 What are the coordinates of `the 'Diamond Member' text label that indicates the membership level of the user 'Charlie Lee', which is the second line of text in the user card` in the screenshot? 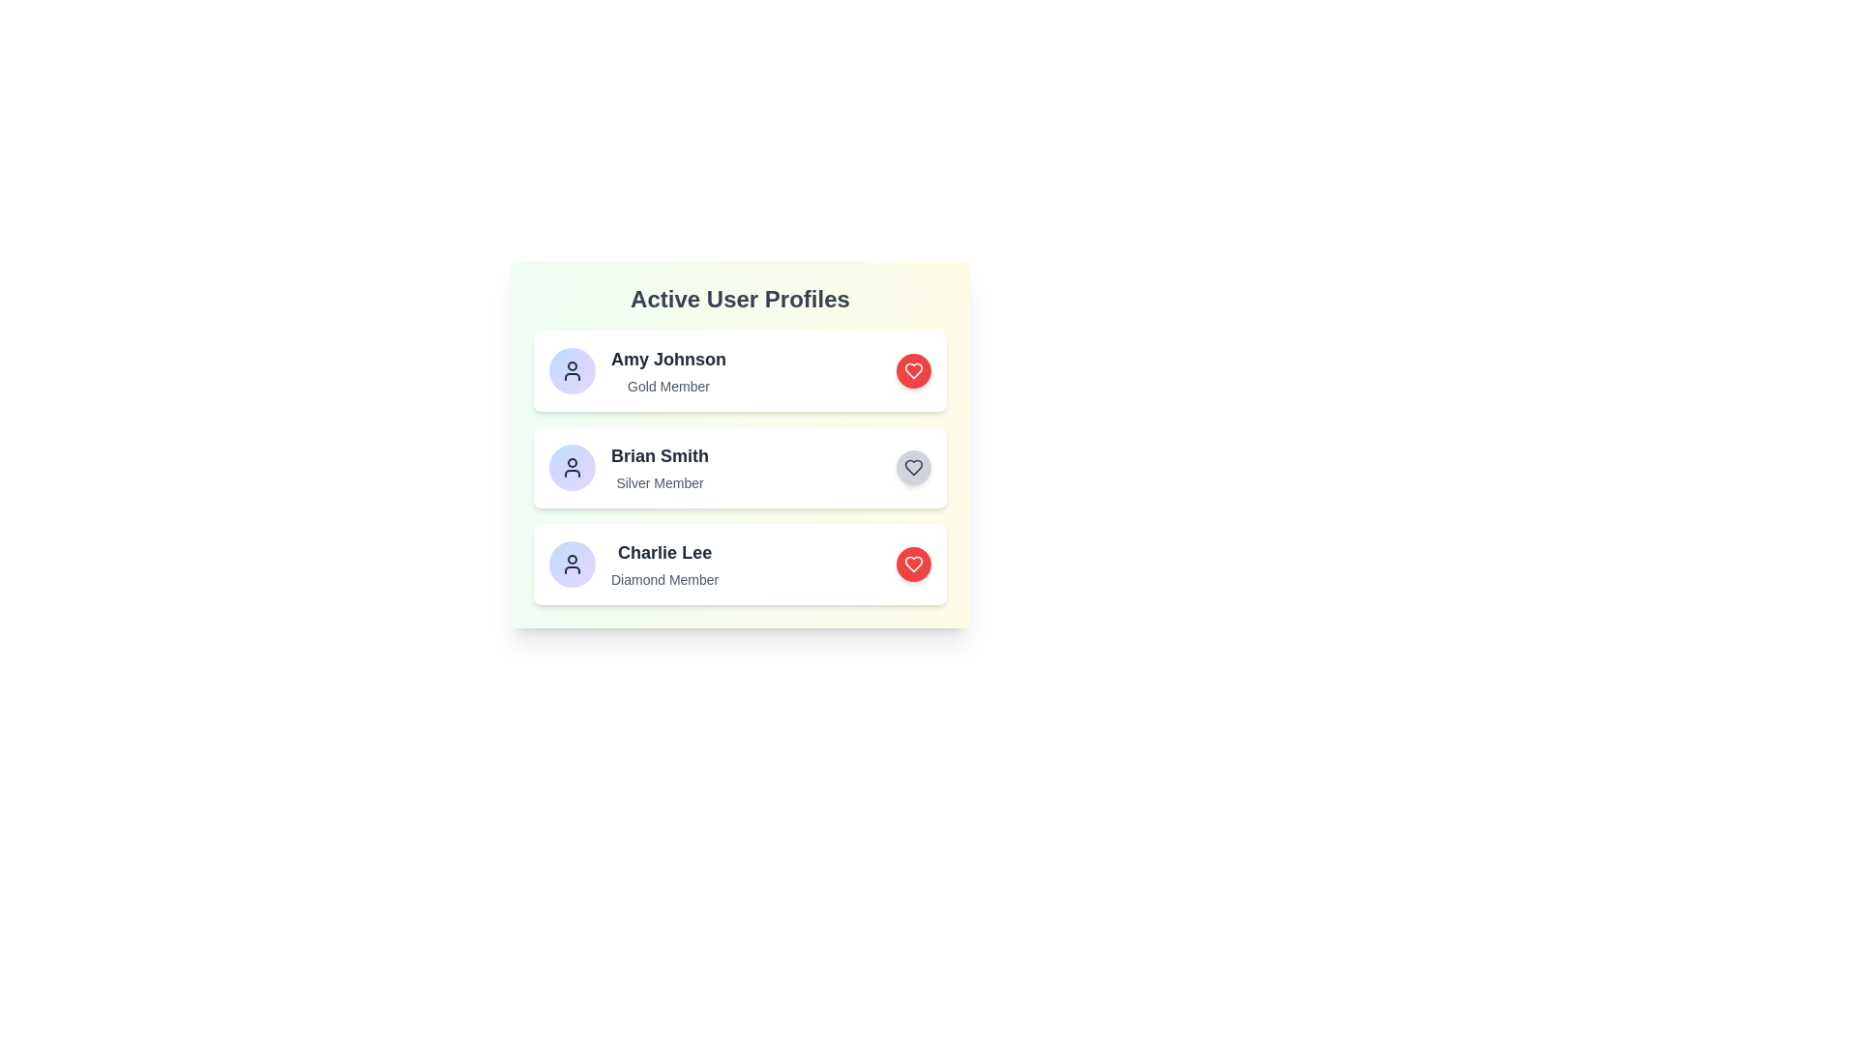 It's located at (664, 579).